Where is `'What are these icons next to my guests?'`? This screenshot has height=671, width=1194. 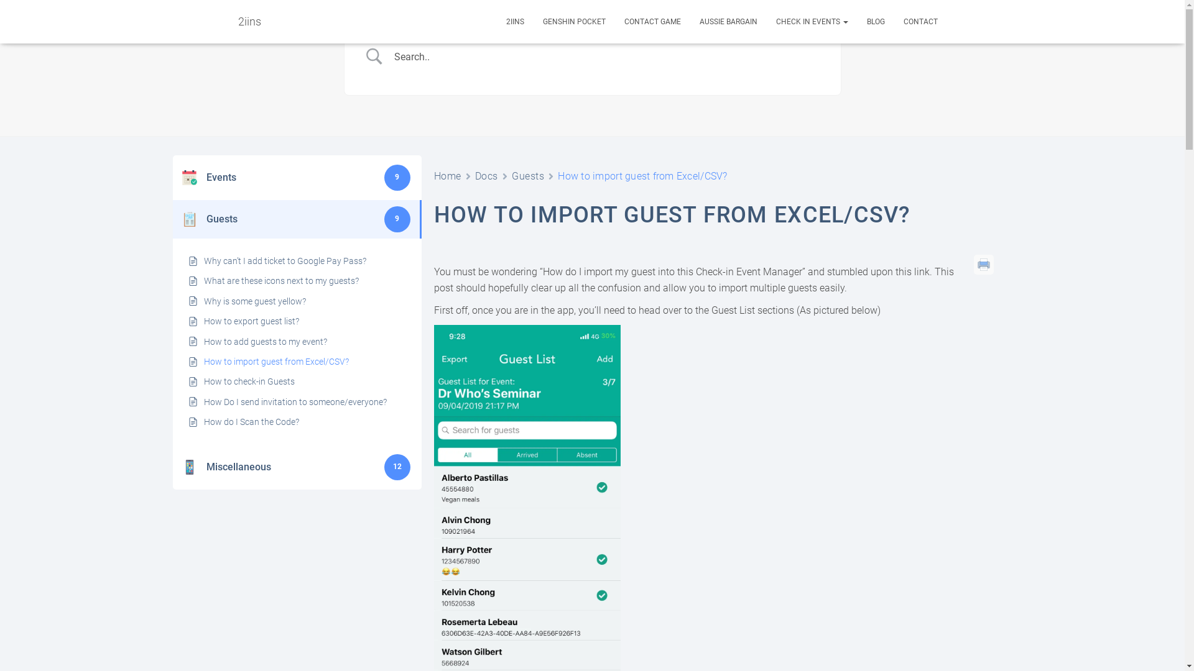
'What are these icons next to my guests?' is located at coordinates (280, 280).